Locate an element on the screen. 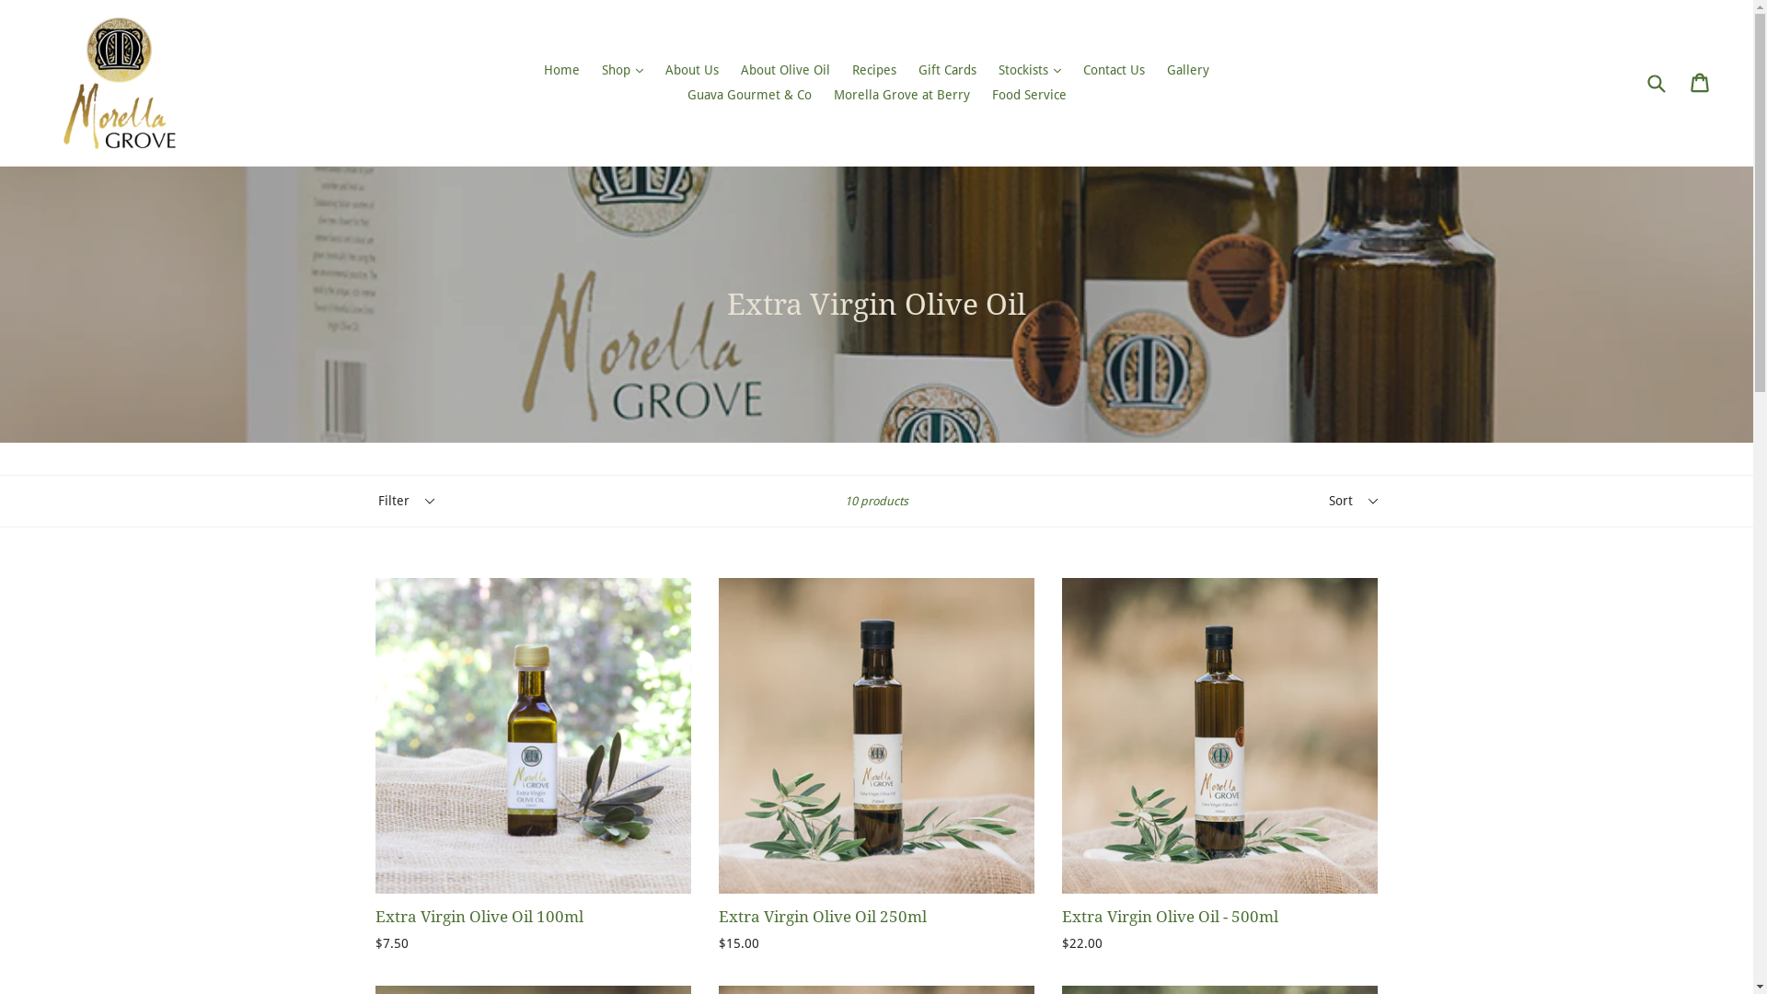  'Morella Grove at Berry' is located at coordinates (901, 95).